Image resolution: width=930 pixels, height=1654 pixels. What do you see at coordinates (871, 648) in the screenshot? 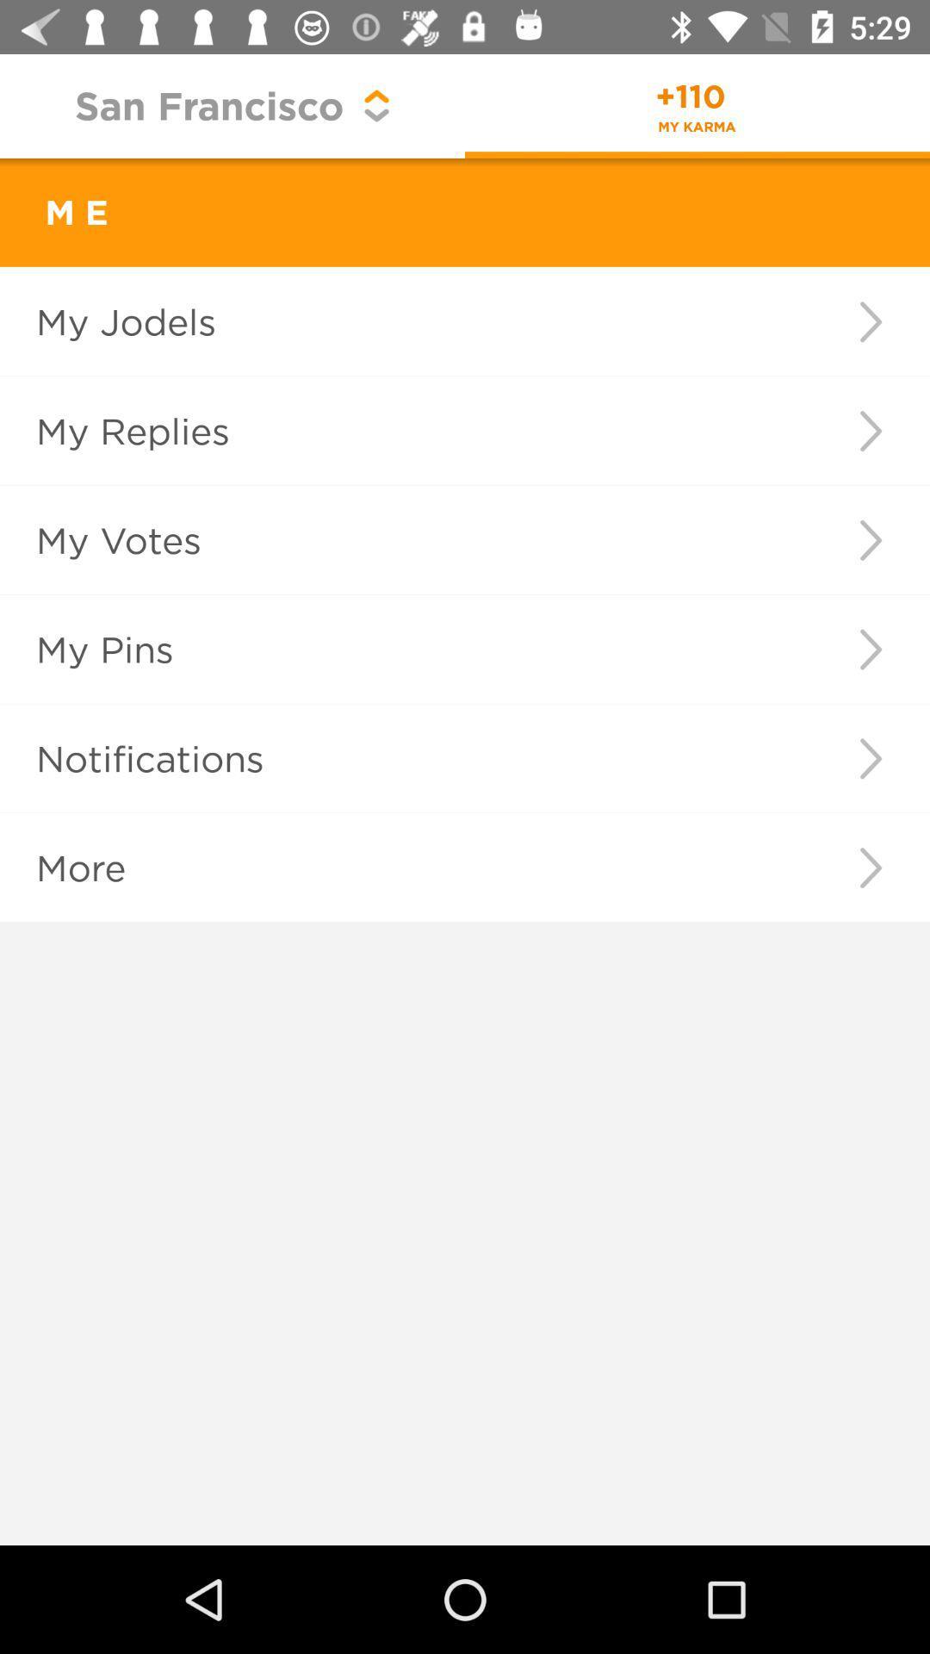
I see `item next to the my pins` at bounding box center [871, 648].